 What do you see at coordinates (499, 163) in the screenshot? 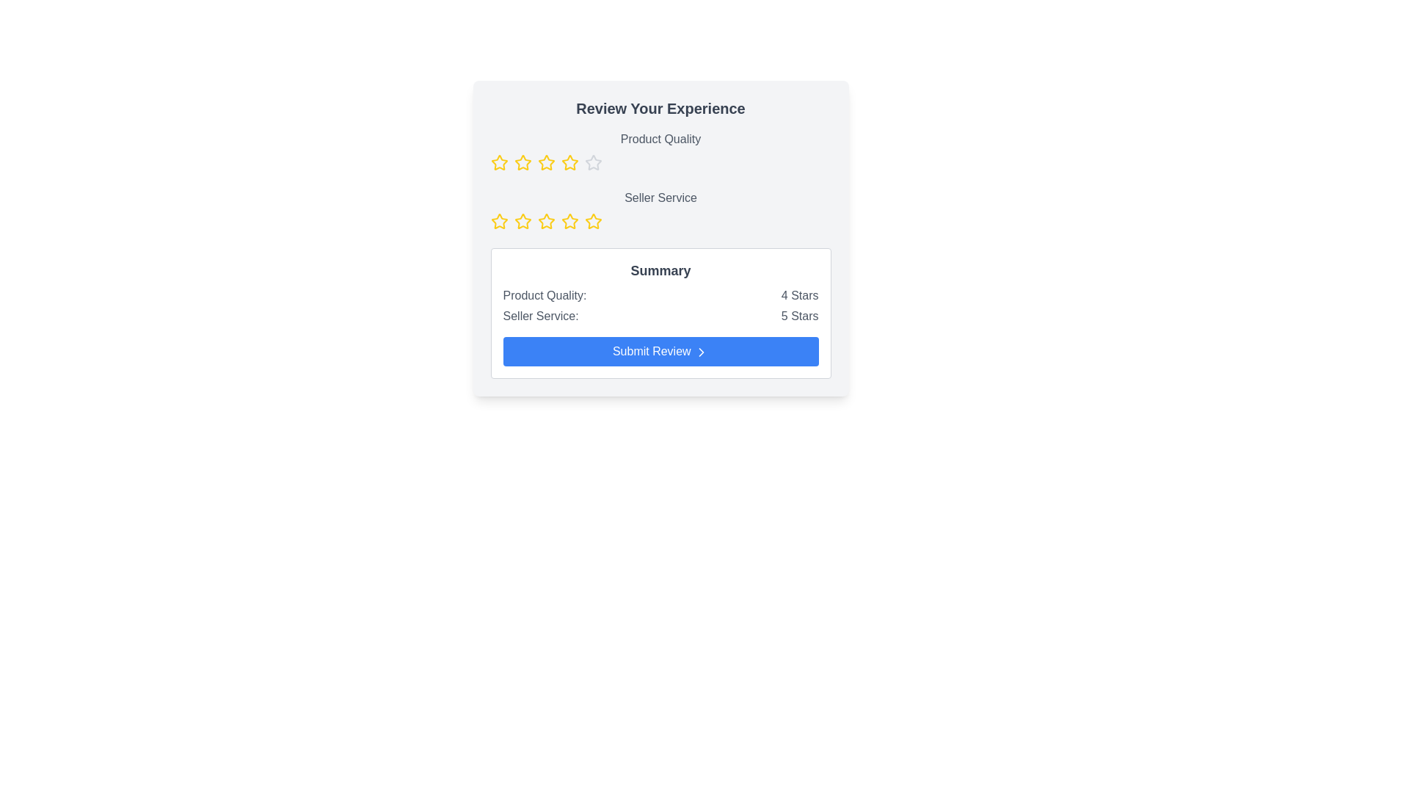
I see `the first yellow star icon used for rating, located next to the 'Product Quality' label` at bounding box center [499, 163].